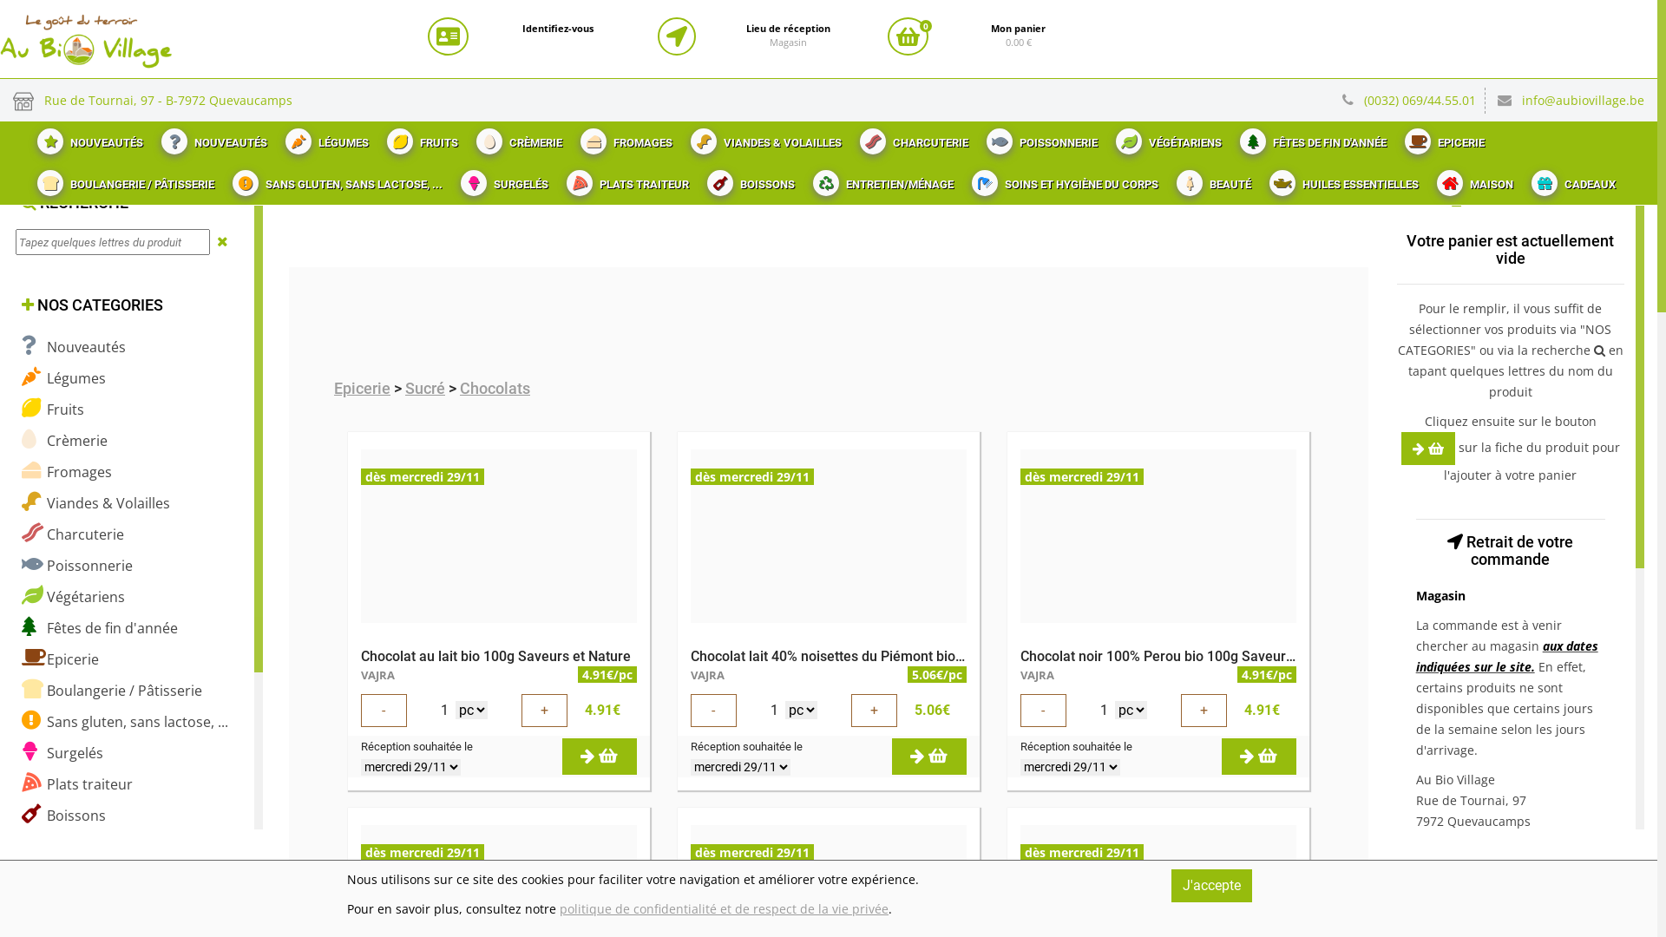 The image size is (1666, 937). I want to click on '+', so click(850, 710).